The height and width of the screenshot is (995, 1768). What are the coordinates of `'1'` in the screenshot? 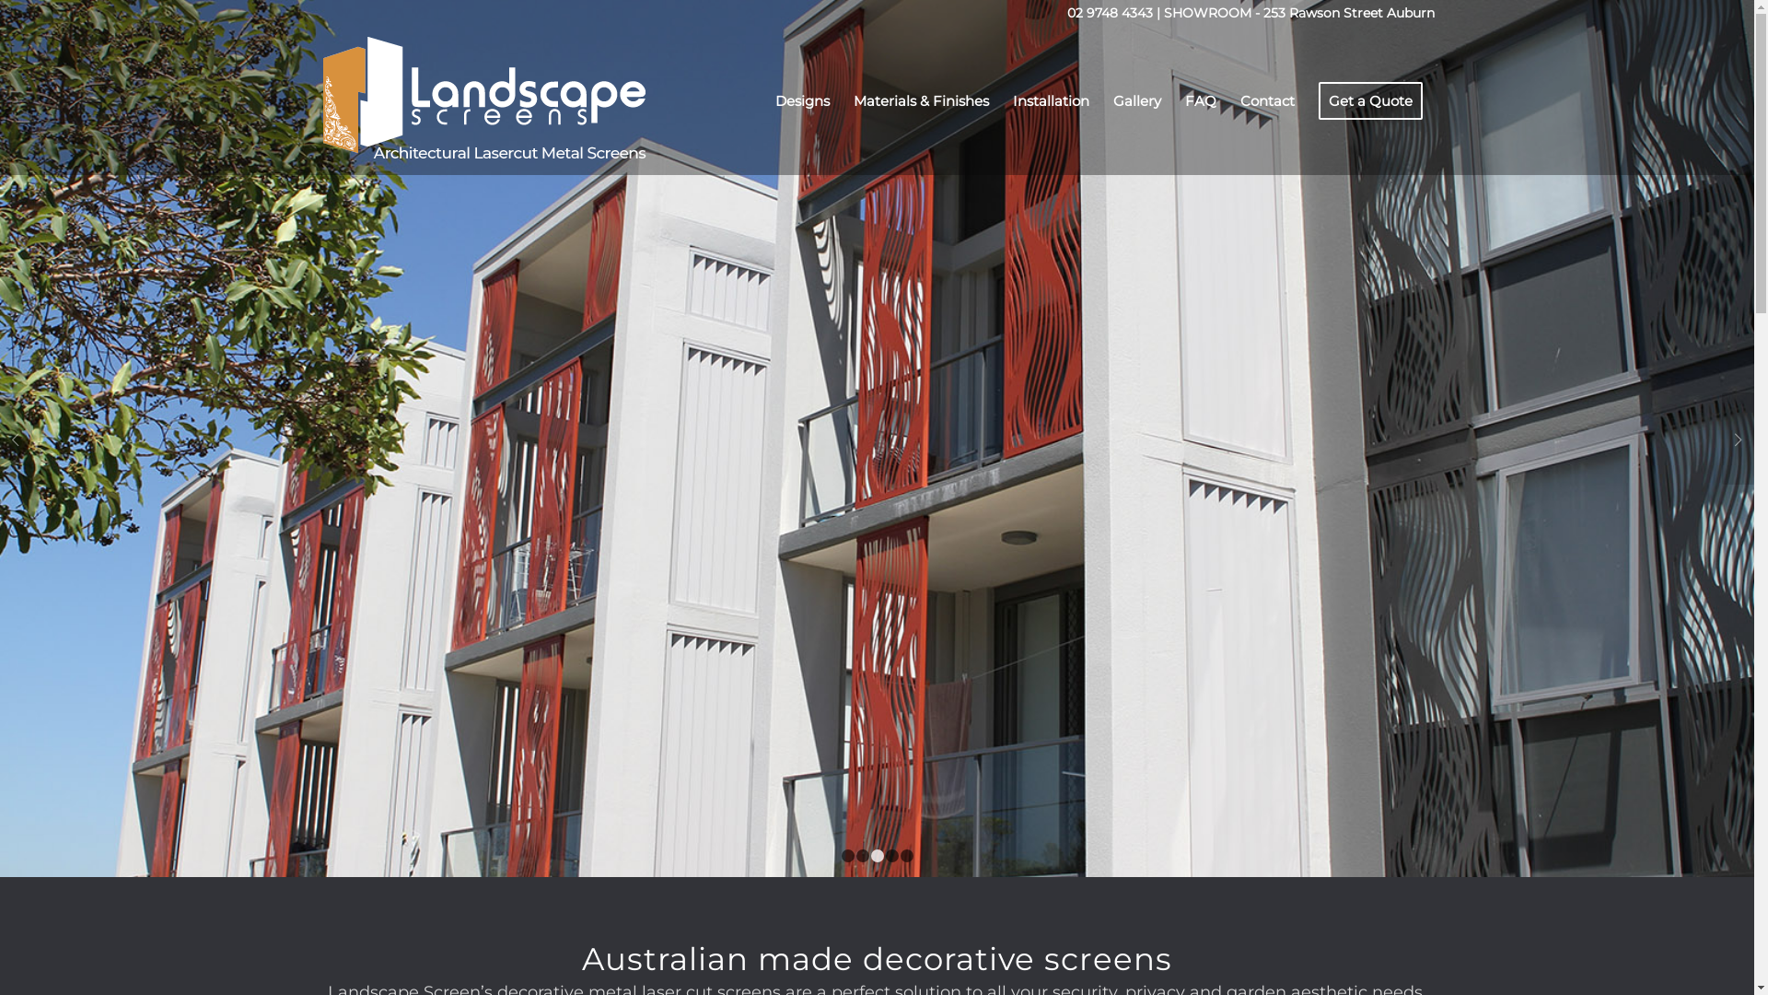 It's located at (847, 856).